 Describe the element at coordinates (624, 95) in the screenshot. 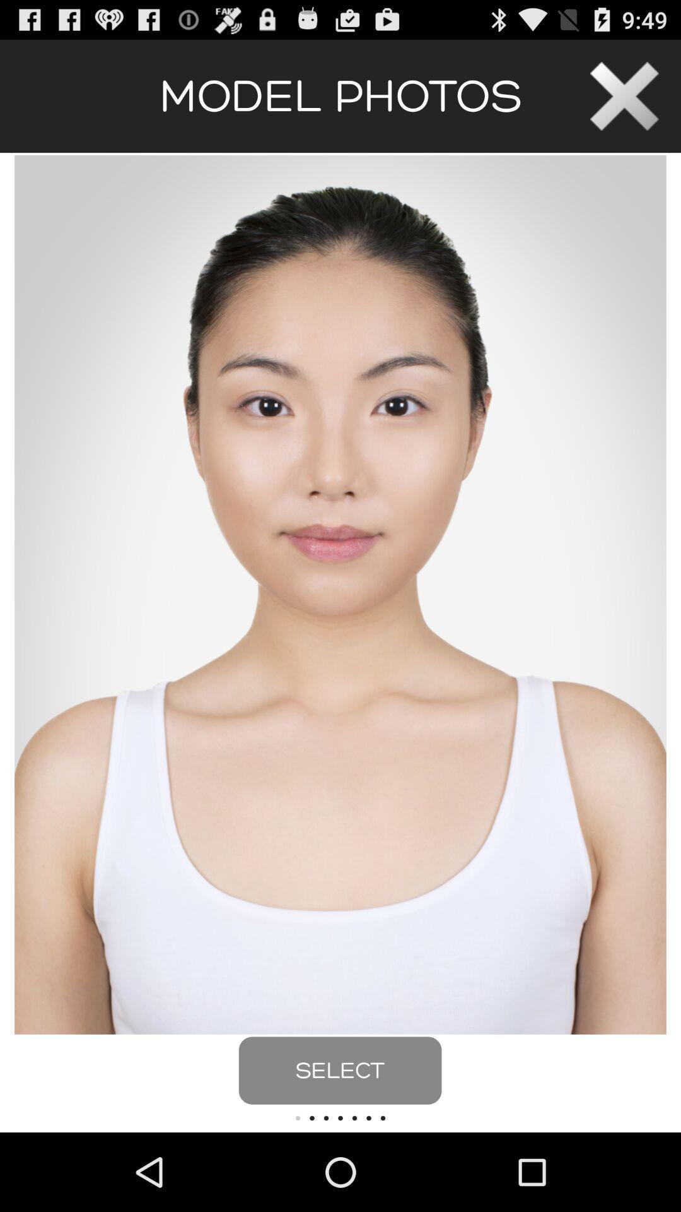

I see `page` at that location.